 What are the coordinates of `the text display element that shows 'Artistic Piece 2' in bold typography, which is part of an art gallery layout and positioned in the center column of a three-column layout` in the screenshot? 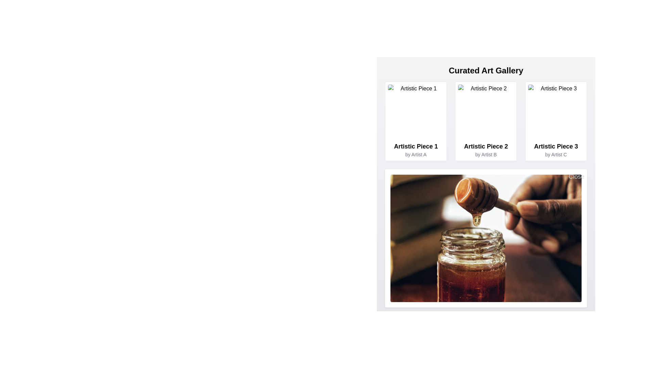 It's located at (486, 146).